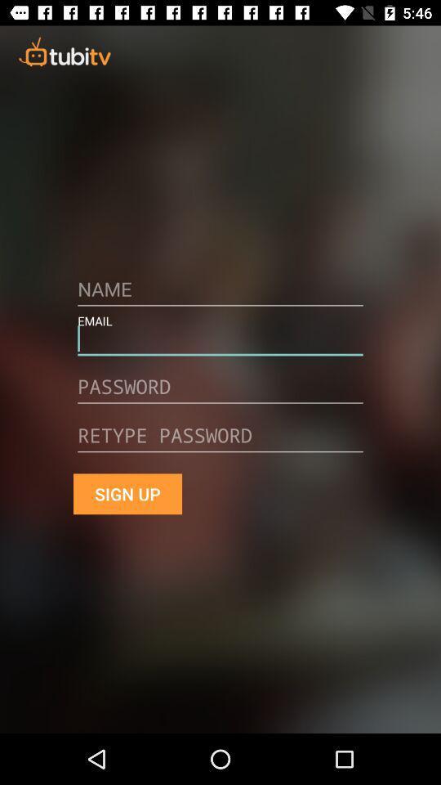 This screenshot has height=785, width=441. Describe the element at coordinates (220, 392) in the screenshot. I see `use the password` at that location.